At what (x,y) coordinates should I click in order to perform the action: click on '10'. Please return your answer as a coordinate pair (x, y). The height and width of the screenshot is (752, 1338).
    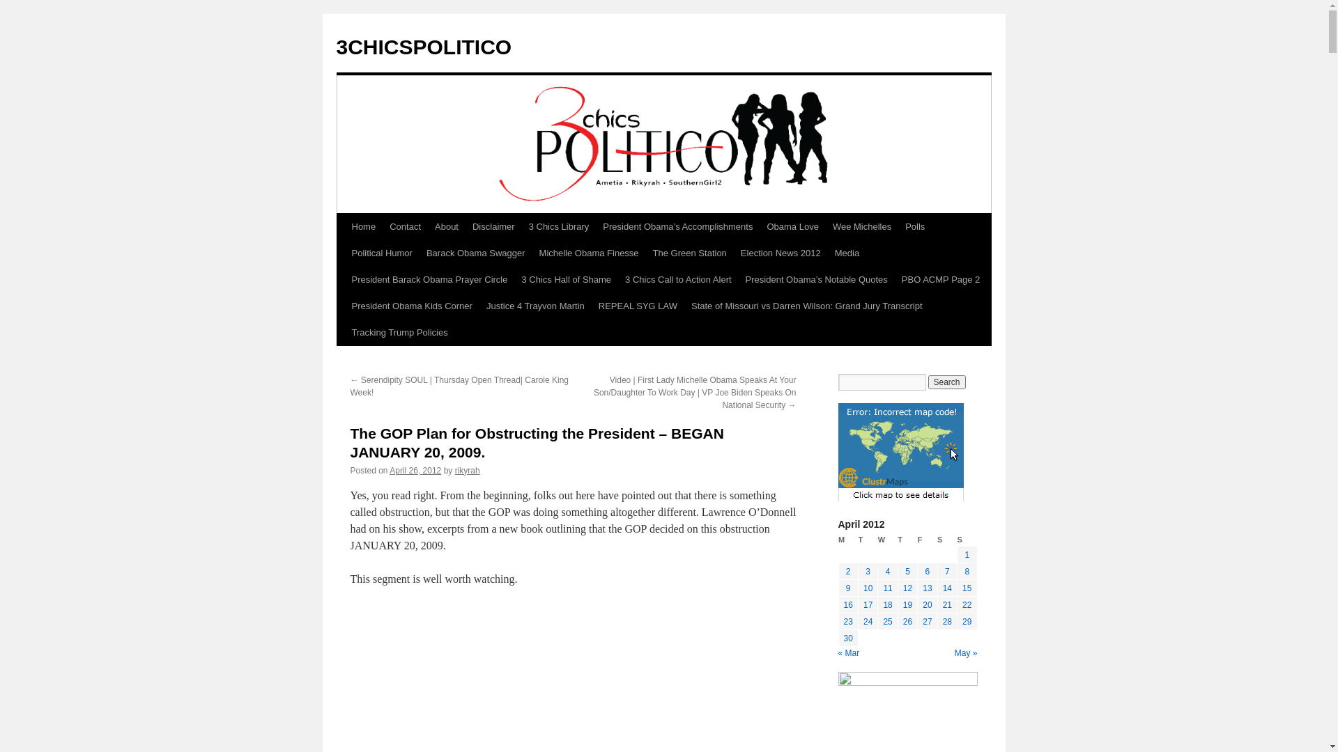
    Looking at the image, I should click on (867, 588).